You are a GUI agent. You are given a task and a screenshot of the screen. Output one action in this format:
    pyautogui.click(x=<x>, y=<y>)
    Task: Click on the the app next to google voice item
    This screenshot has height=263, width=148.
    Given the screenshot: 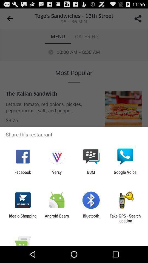 What is the action you would take?
    pyautogui.click(x=91, y=174)
    